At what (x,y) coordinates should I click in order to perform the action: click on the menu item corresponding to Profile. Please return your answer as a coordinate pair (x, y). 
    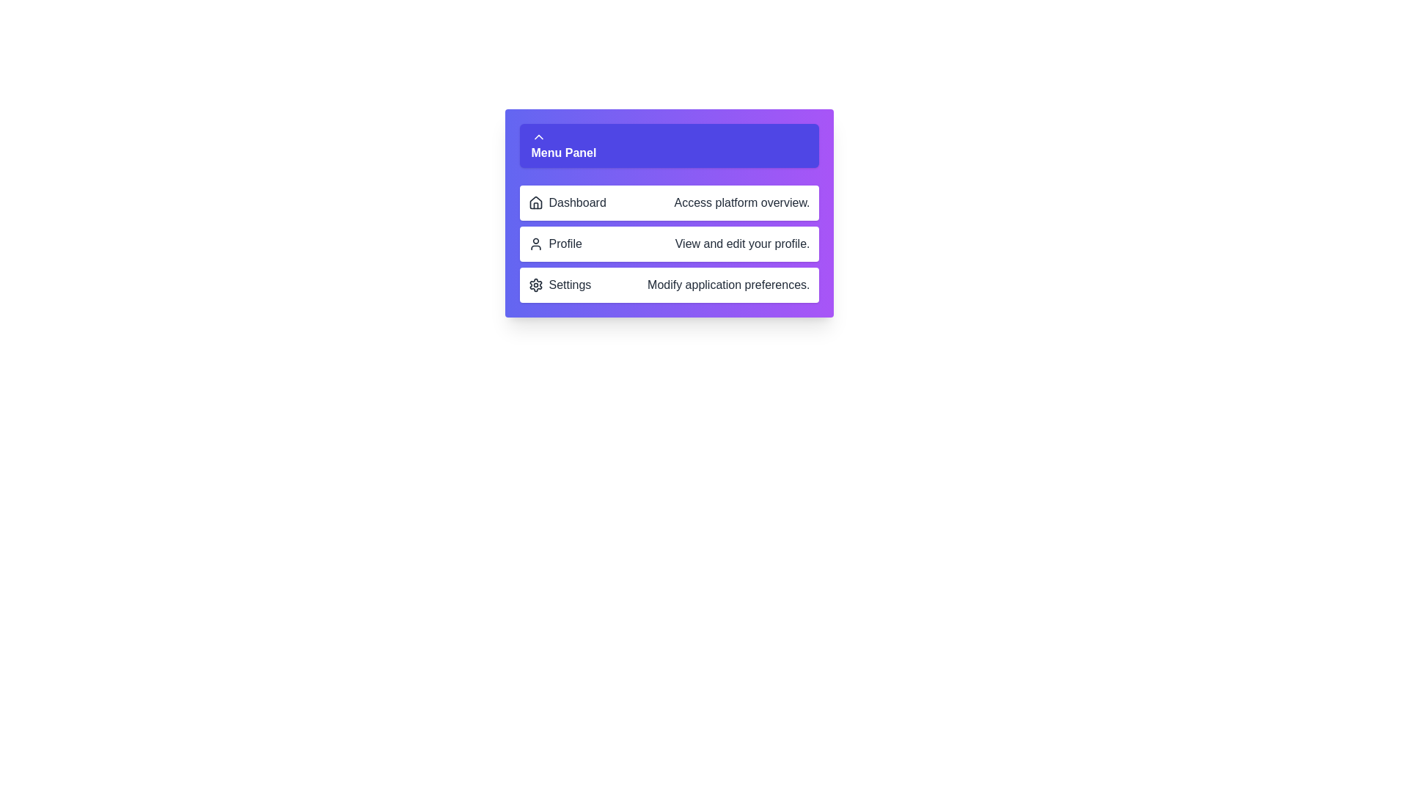
    Looking at the image, I should click on (668, 243).